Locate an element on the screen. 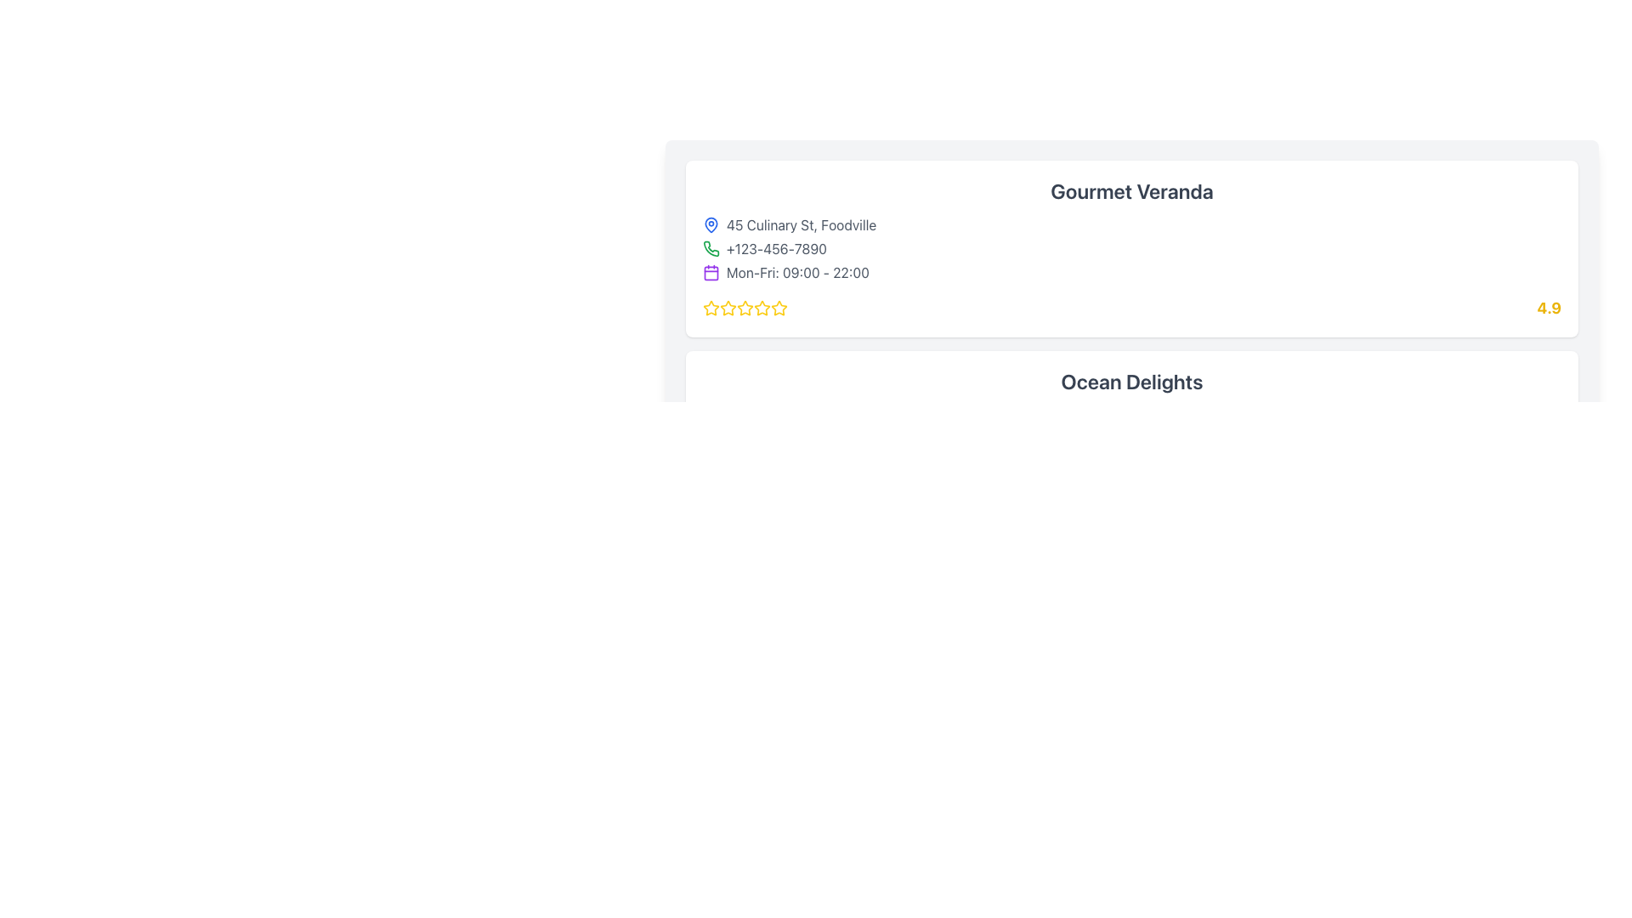  the visual state of the third star icon in the rating section of the Gourmet Veranda card is located at coordinates (745, 308).